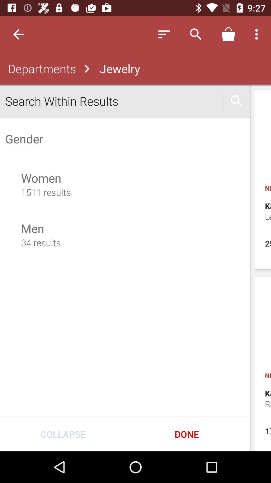 This screenshot has height=483, width=271. Describe the element at coordinates (164, 34) in the screenshot. I see `the icon to the right of the jewelry  item` at that location.